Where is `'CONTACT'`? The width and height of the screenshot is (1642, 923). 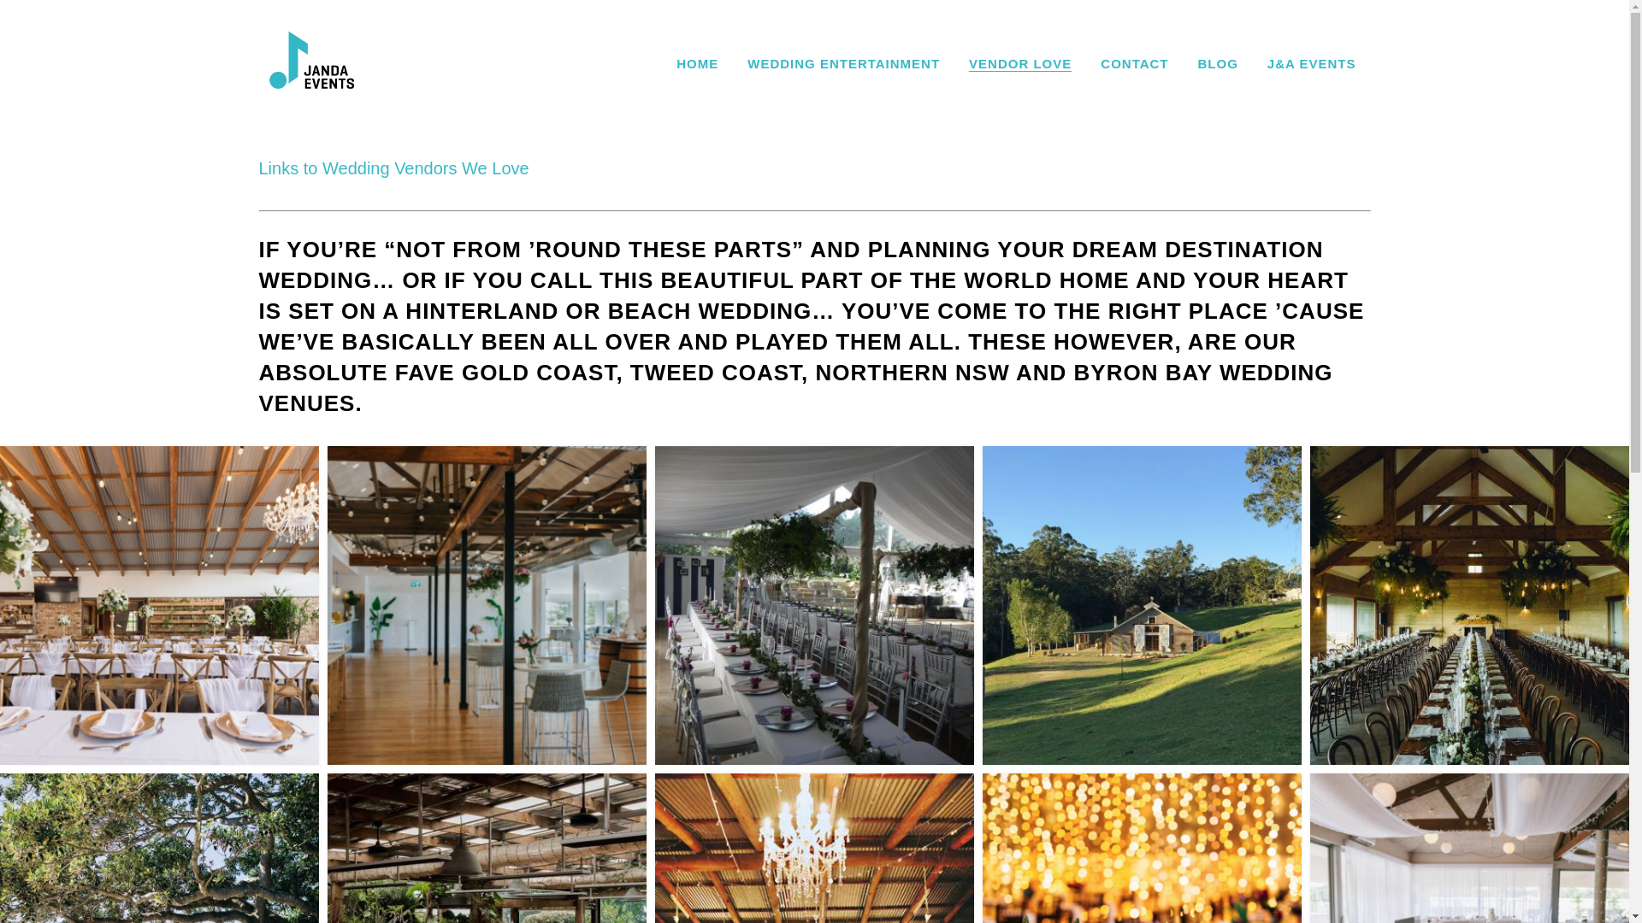
'CONTACT' is located at coordinates (1134, 62).